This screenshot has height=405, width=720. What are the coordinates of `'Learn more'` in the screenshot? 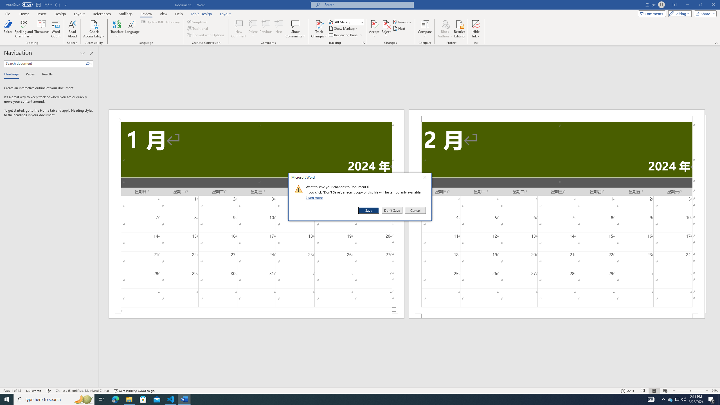 It's located at (315, 197).